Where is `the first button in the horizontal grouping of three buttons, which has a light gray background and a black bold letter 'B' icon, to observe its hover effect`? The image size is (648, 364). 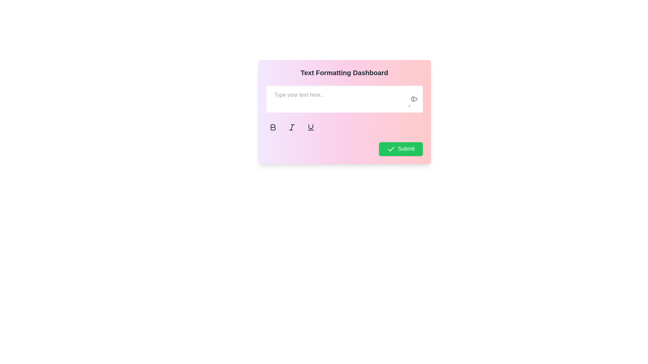 the first button in the horizontal grouping of three buttons, which has a light gray background and a black bold letter 'B' icon, to observe its hover effect is located at coordinates (273, 127).